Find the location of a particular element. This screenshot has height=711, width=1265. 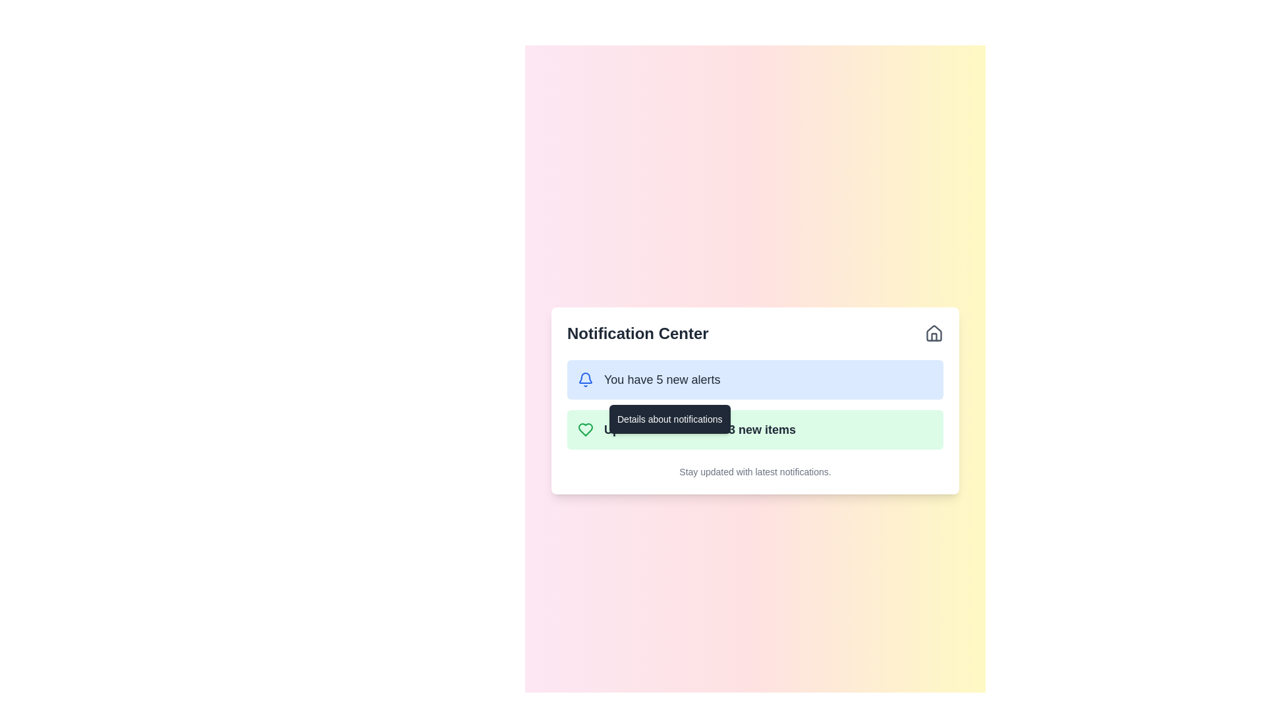

the 'like' or 'favorite' icon located to the left of the text 'Updated 3 new items' within the notification card is located at coordinates (584, 429).